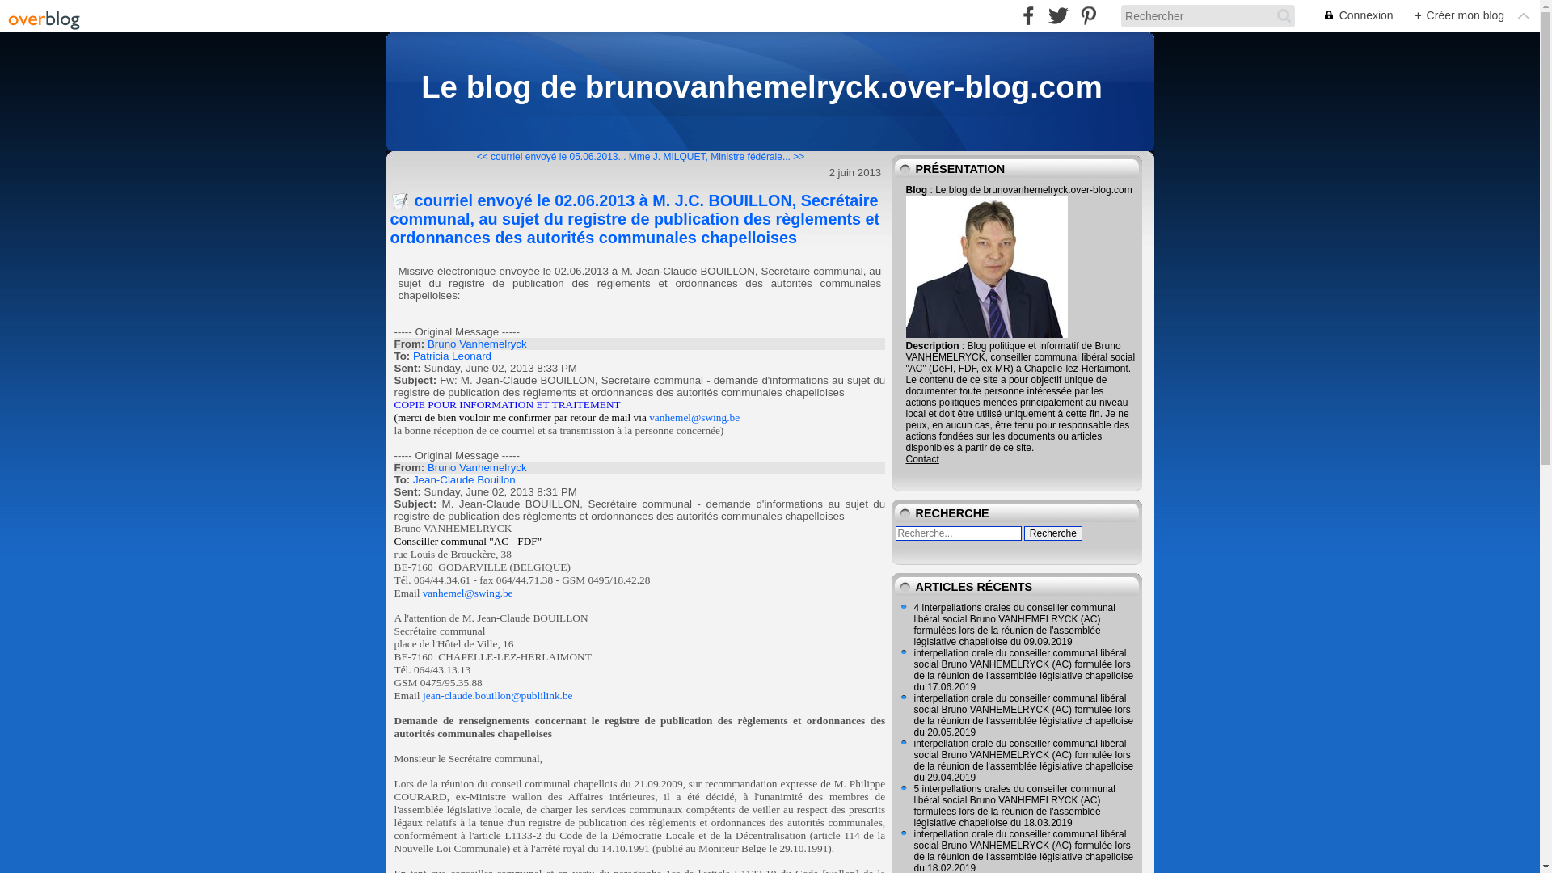 This screenshot has width=1552, height=873. I want to click on 'Contact', so click(921, 458).